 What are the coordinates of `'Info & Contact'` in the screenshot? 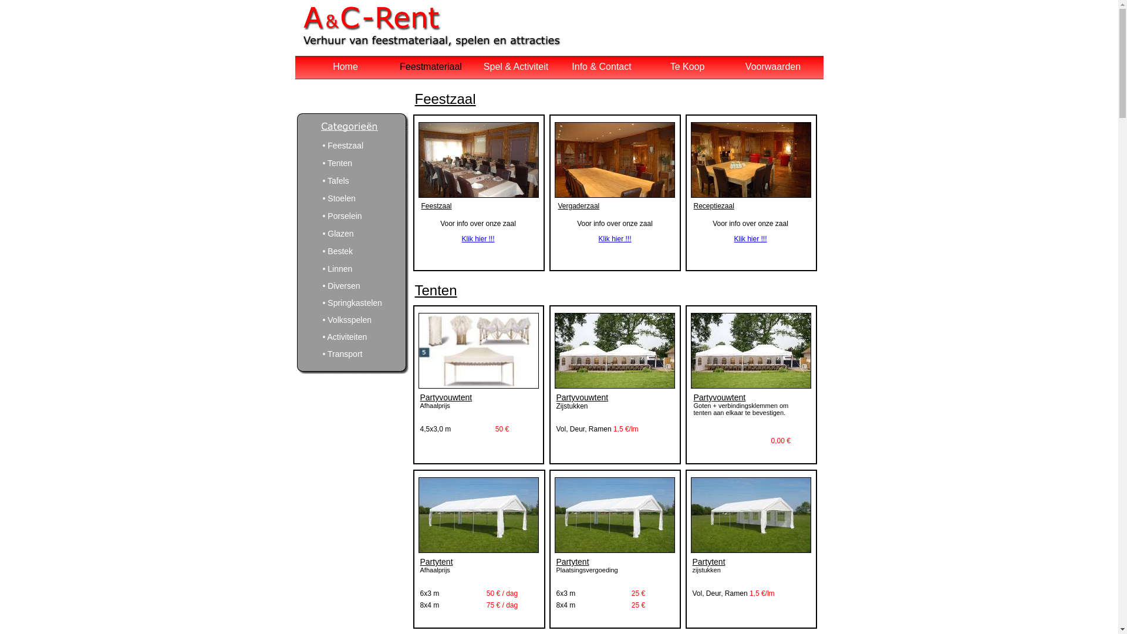 It's located at (601, 66).